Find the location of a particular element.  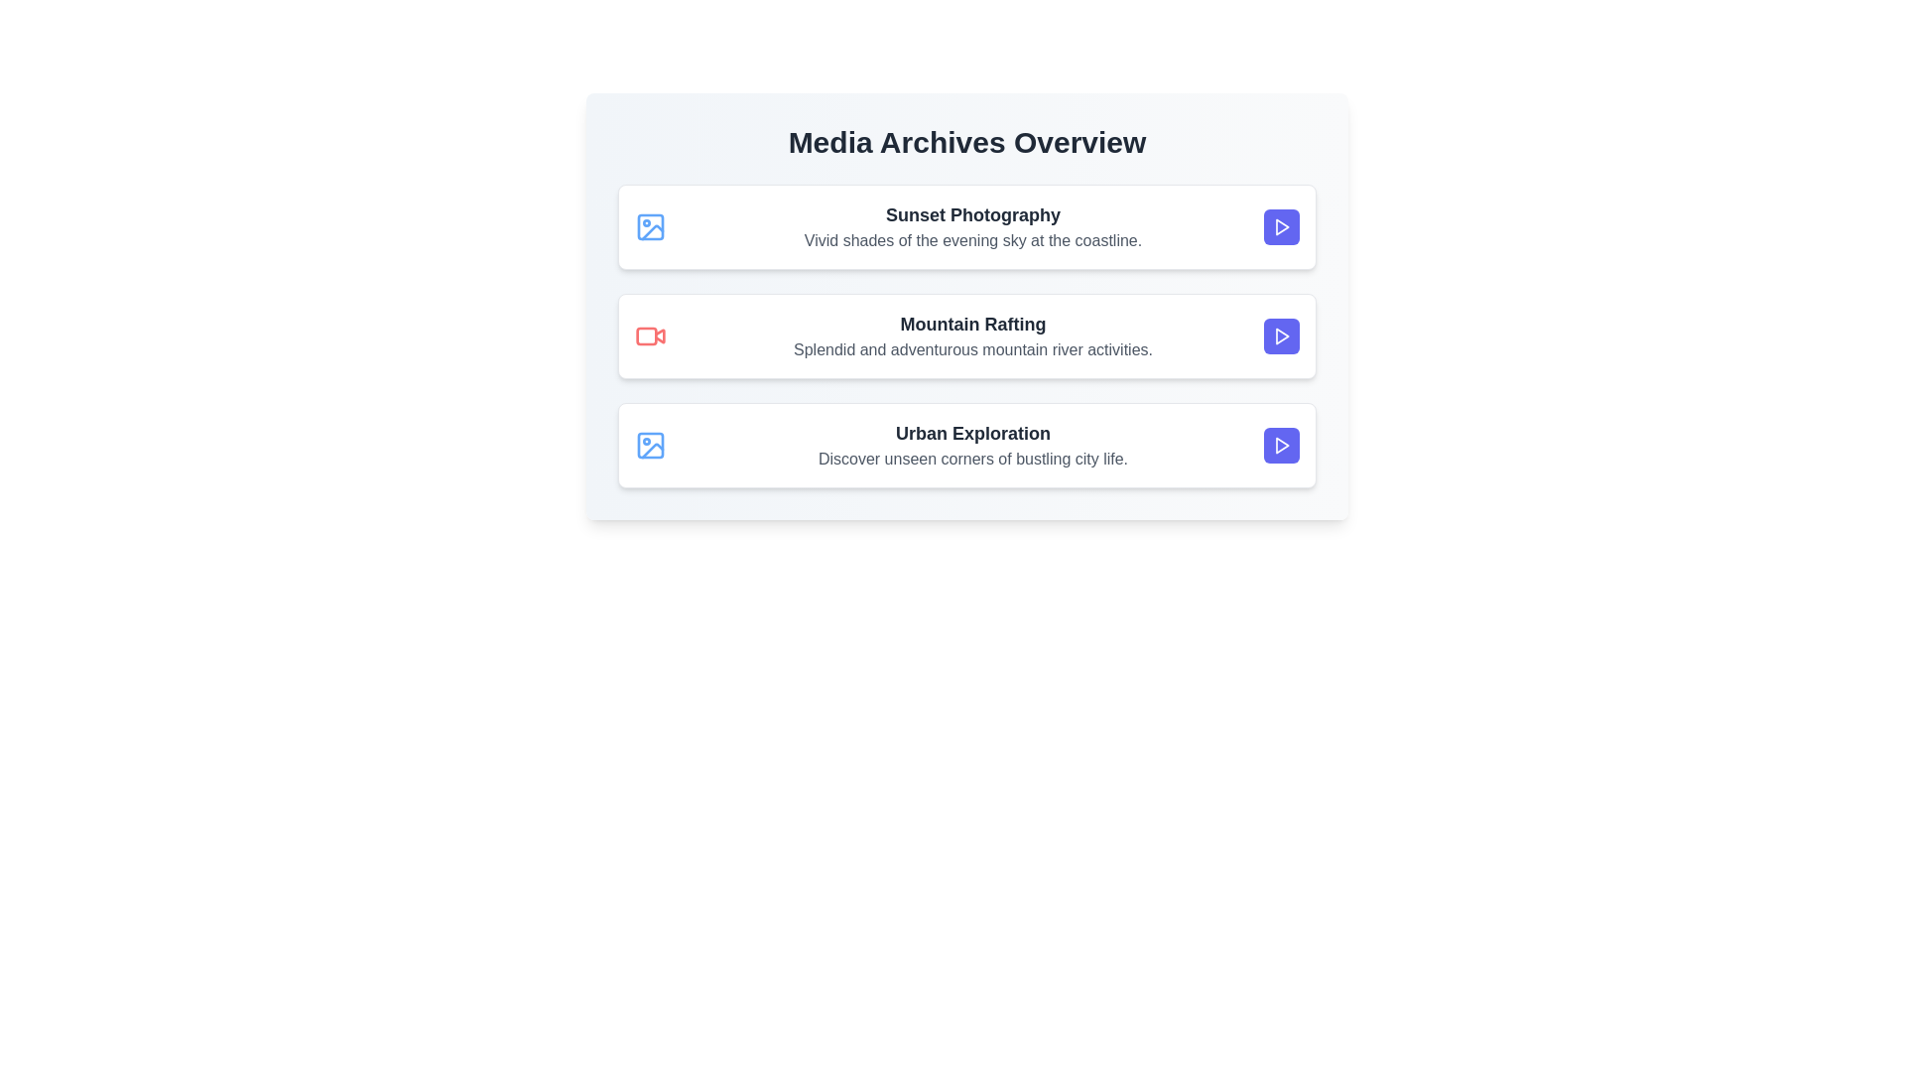

the media item corresponding to Sunset Photography is located at coordinates (966, 225).